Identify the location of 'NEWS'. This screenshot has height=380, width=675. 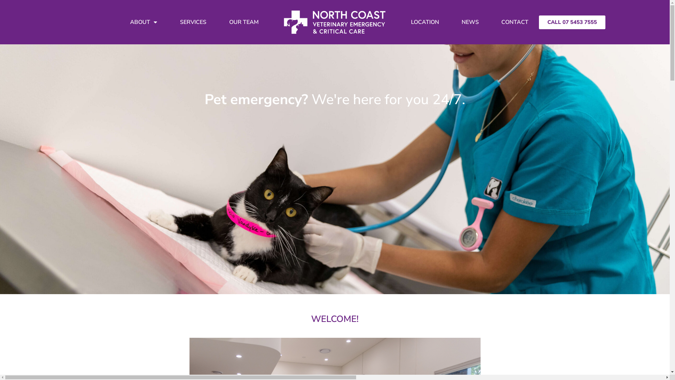
(451, 21).